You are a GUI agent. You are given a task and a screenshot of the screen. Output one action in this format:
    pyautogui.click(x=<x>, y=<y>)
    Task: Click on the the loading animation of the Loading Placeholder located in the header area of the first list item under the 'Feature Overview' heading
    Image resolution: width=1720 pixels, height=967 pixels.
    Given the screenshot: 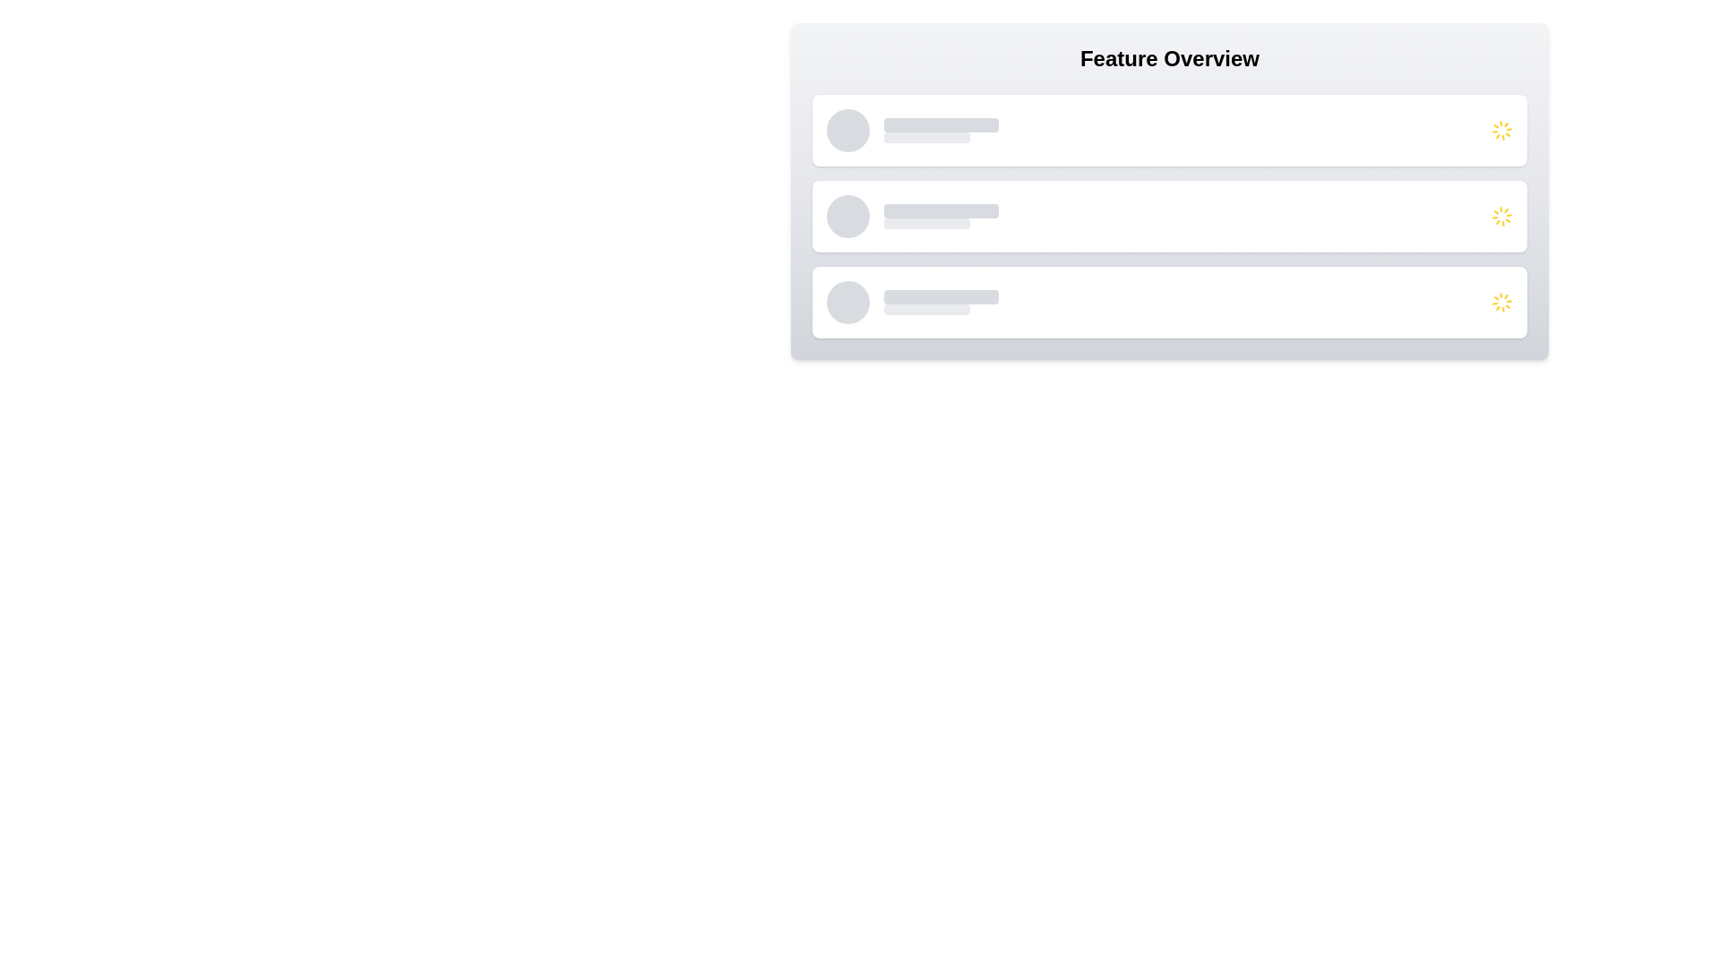 What is the action you would take?
    pyautogui.click(x=941, y=124)
    